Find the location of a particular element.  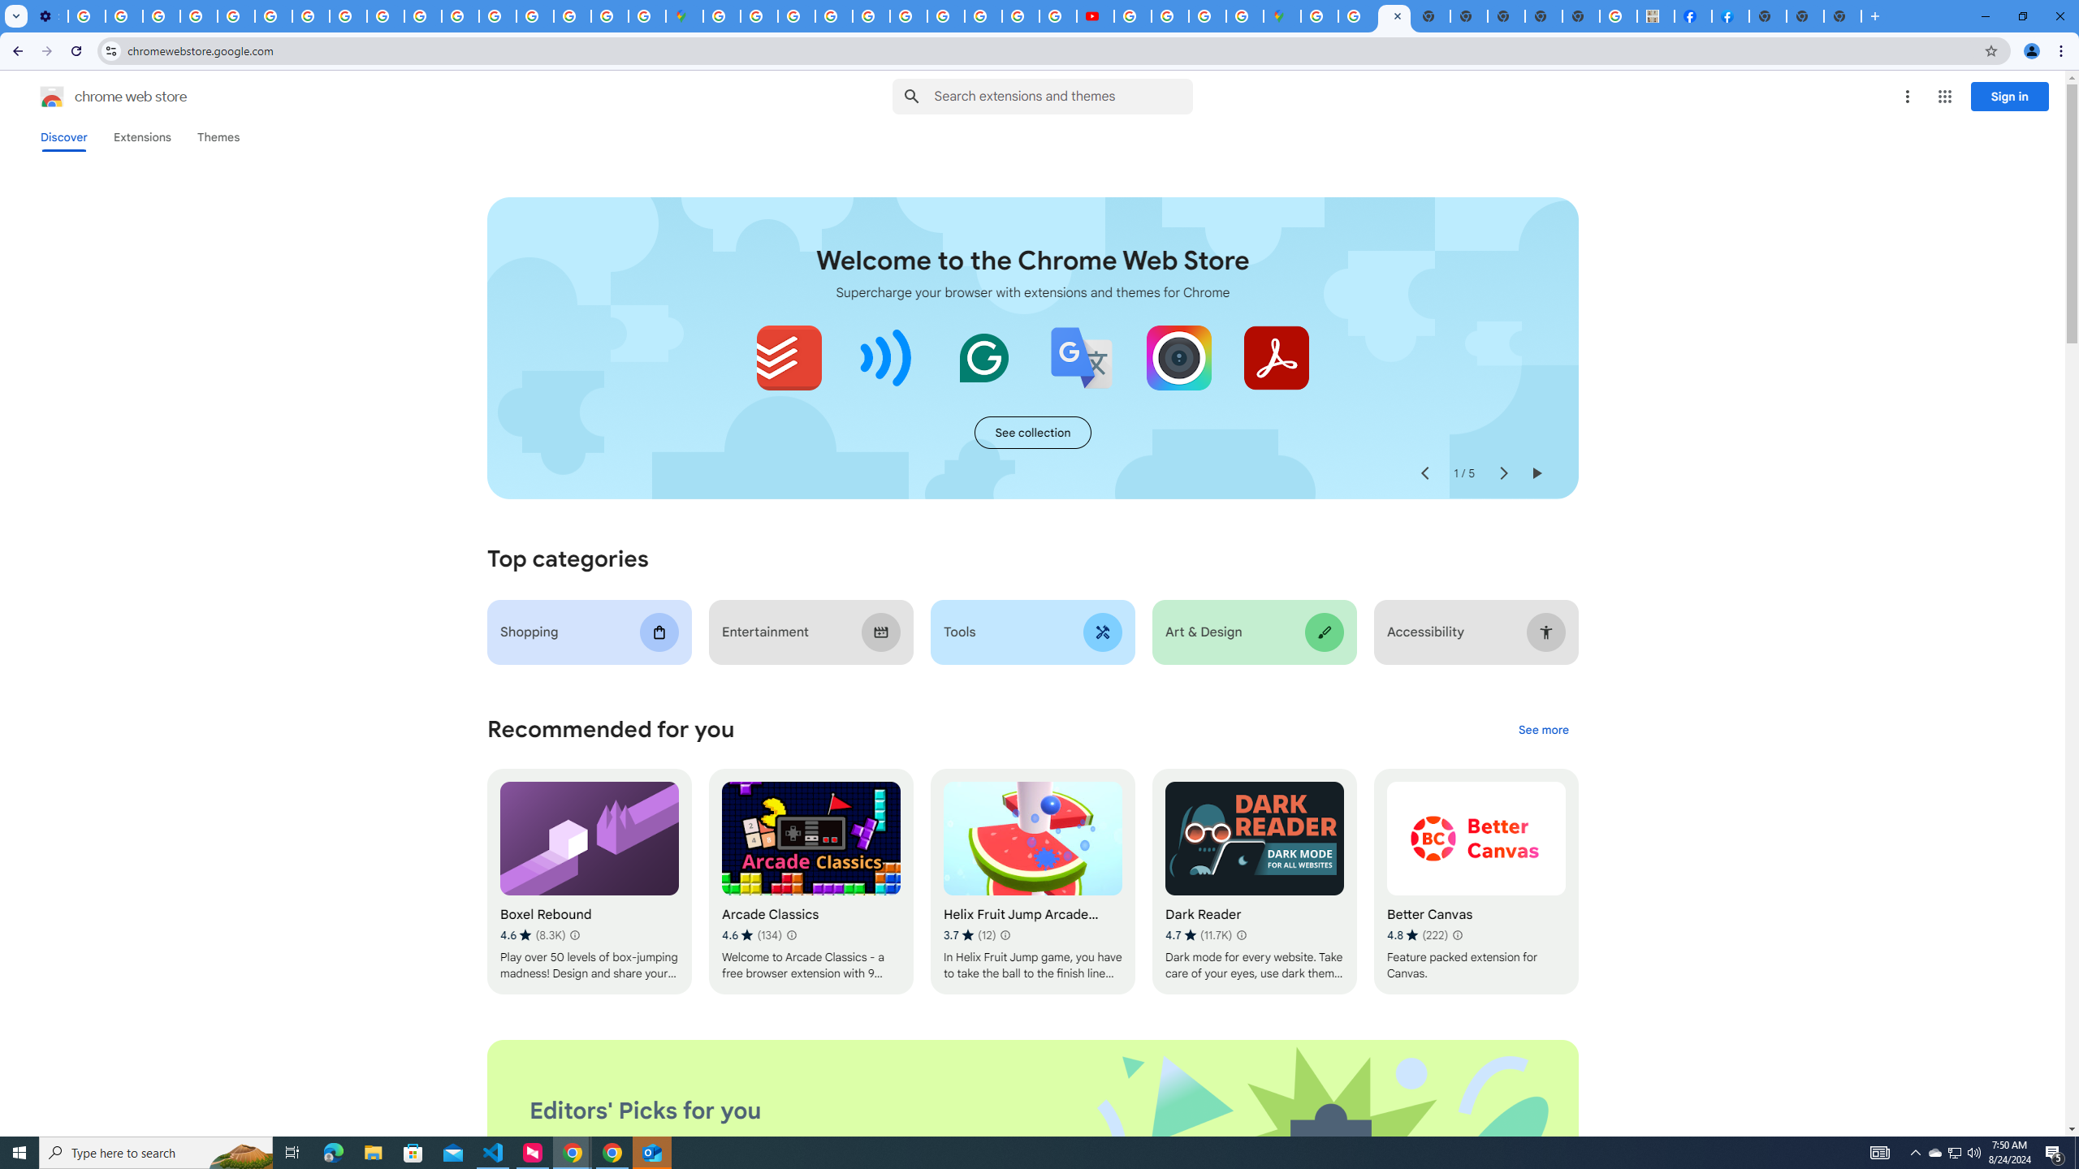

'Previous slide' is located at coordinates (1423, 472).